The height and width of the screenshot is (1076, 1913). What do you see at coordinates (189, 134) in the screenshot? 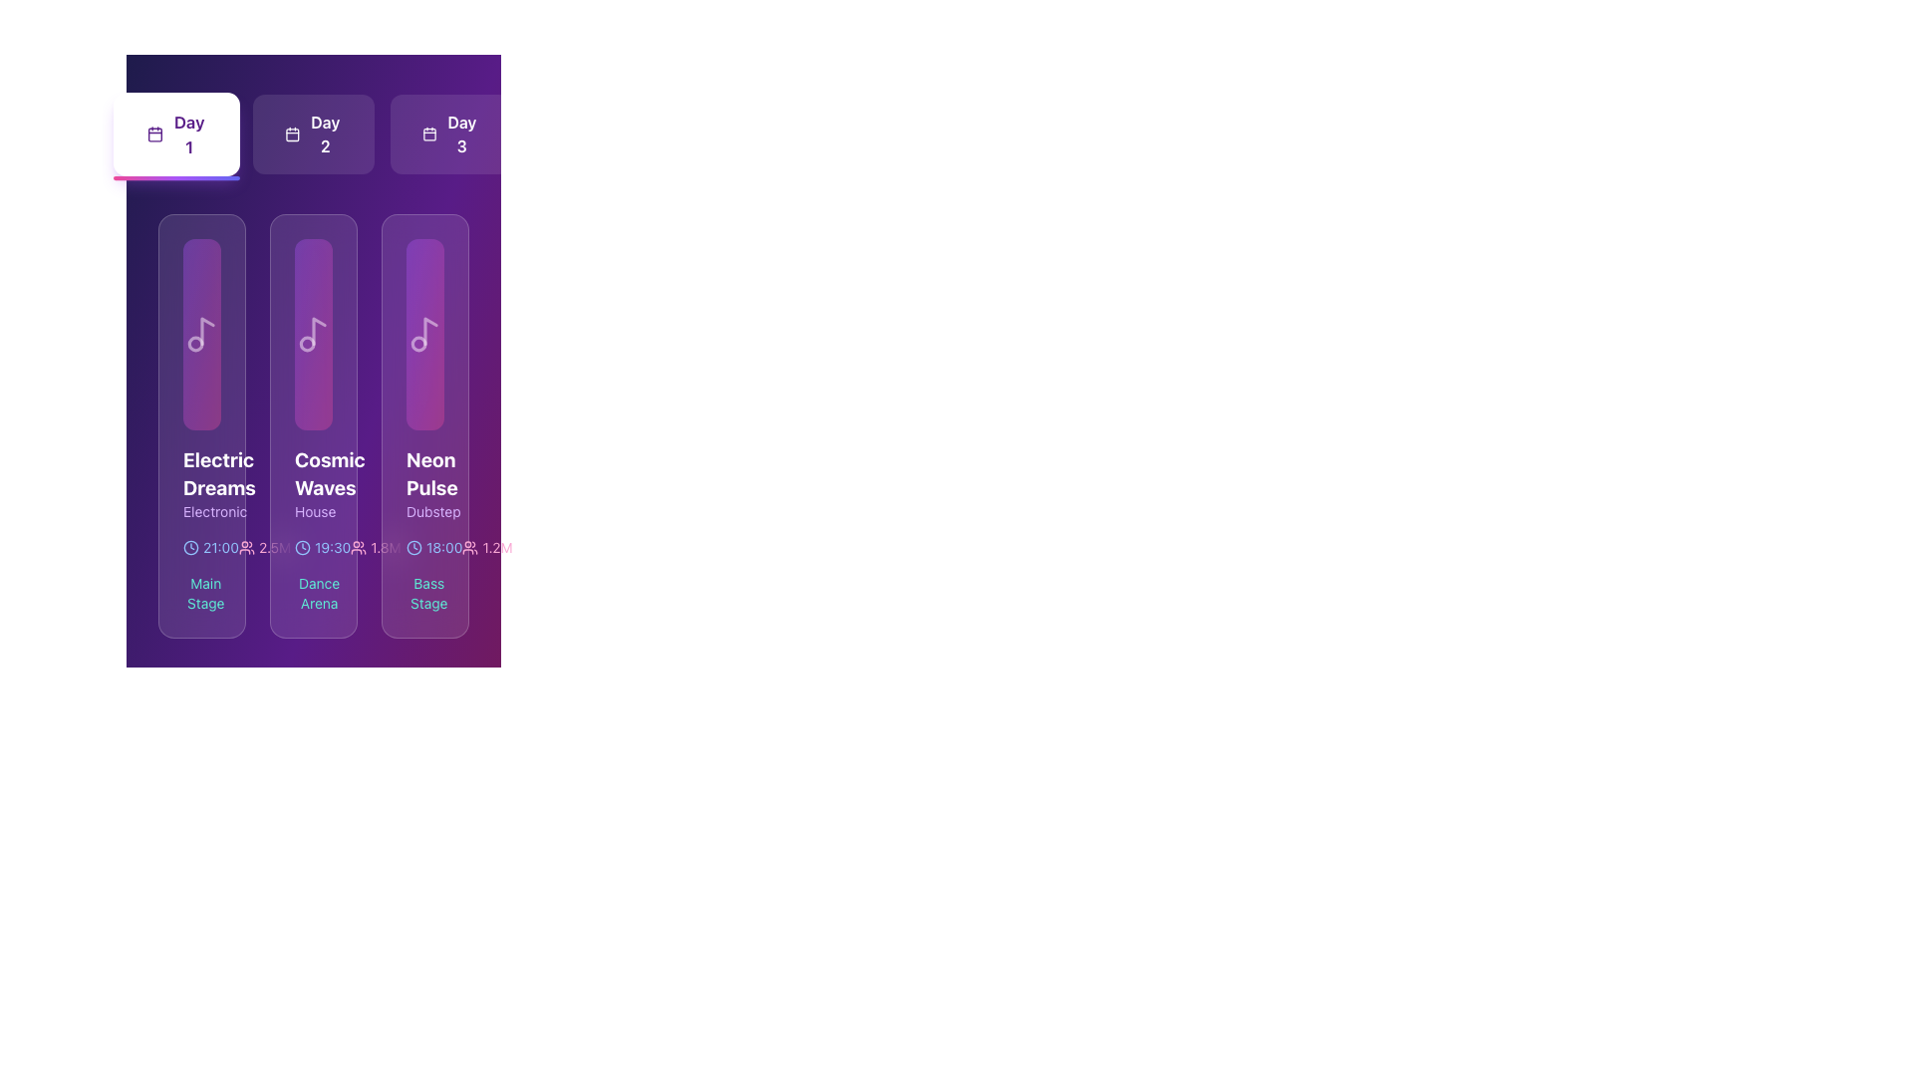
I see `the 'Day 1' tab in the segmented tab control` at bounding box center [189, 134].